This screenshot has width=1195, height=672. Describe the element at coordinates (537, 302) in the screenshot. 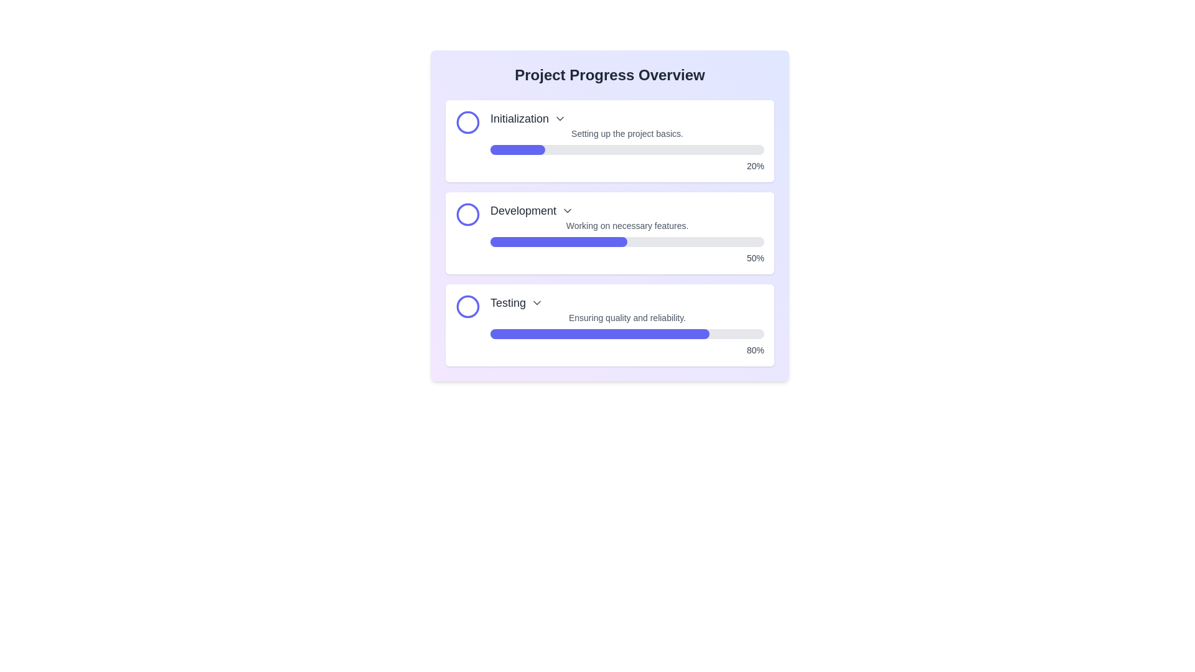

I see `the downwards-pointing chevron icon next to the 'Testing' text` at that location.